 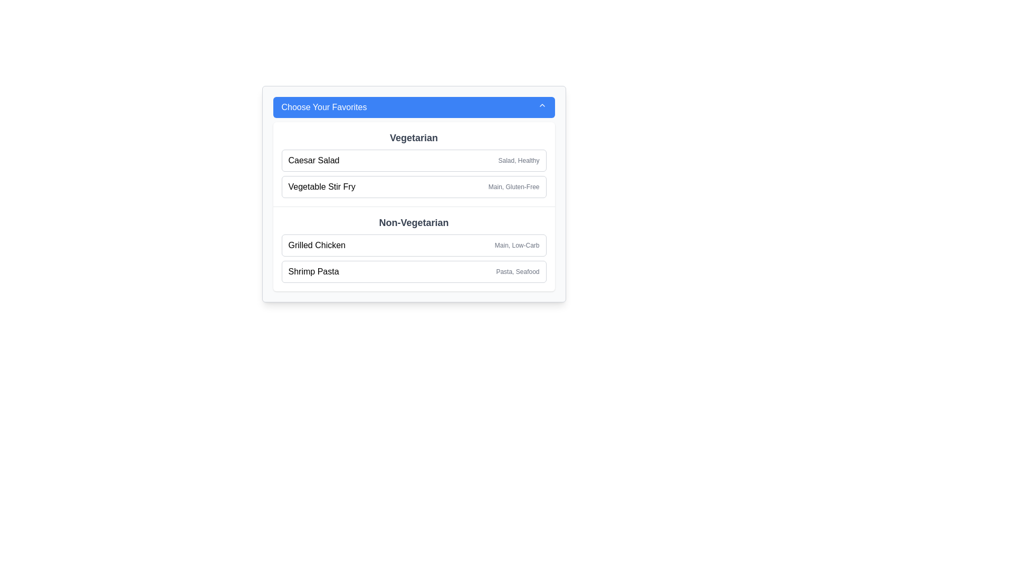 I want to click on the 'Main' low-carb text label located in the 'Non-Vegetarian' section under the 'Grilled Chicken' item, so click(x=517, y=246).